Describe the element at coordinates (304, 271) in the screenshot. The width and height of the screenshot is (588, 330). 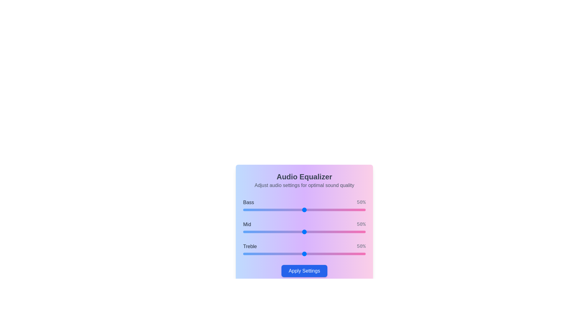
I see `the 'Apply Settings' button` at that location.